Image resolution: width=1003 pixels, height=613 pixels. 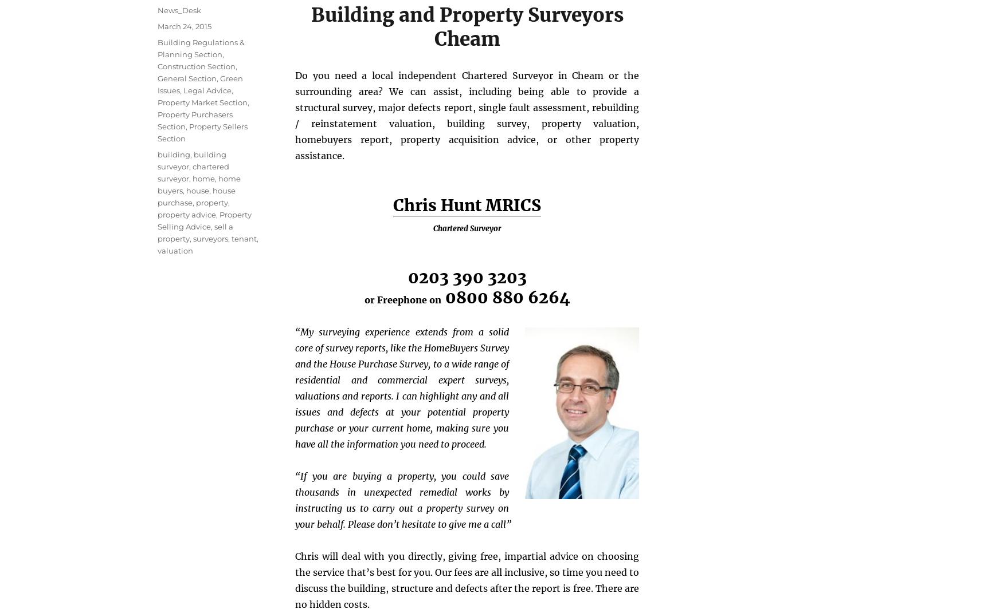 I want to click on '“My surveying experience extends from a solid core of survey reports, like the HomeBuyers Survey and the House Purchase Survey, to a wide range of residential and commercial expert surveys, valuations and reports. I can highlight any and all issues and defects at your potential property purchase or your current home, making sure you have all the information you need to proceed.', so click(x=402, y=386).